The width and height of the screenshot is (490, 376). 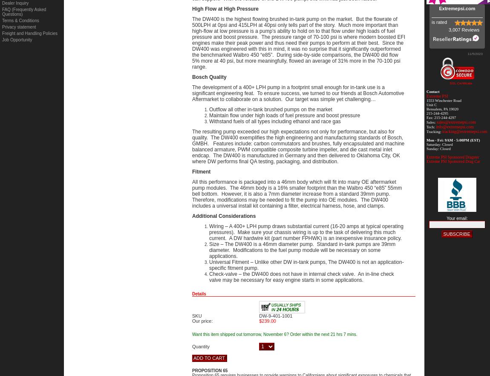 What do you see at coordinates (225, 9) in the screenshot?
I see `'High Flow at High Pressure'` at bounding box center [225, 9].